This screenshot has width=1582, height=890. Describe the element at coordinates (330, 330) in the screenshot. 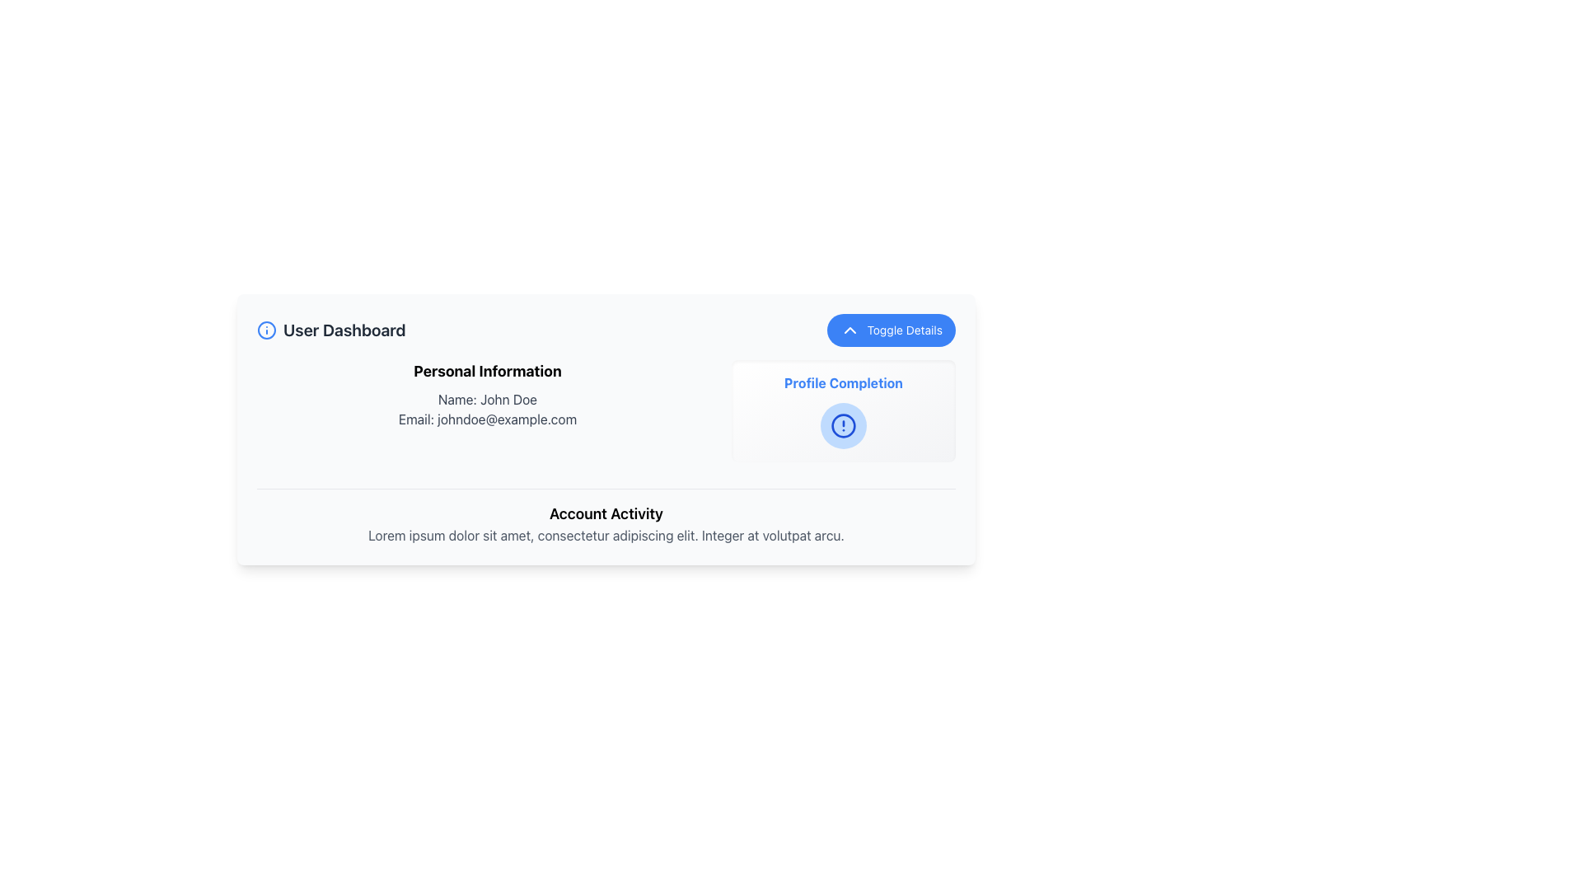

I see `text label that serves as the header for the dashboard section, located at the top-left corner of the interface` at that location.